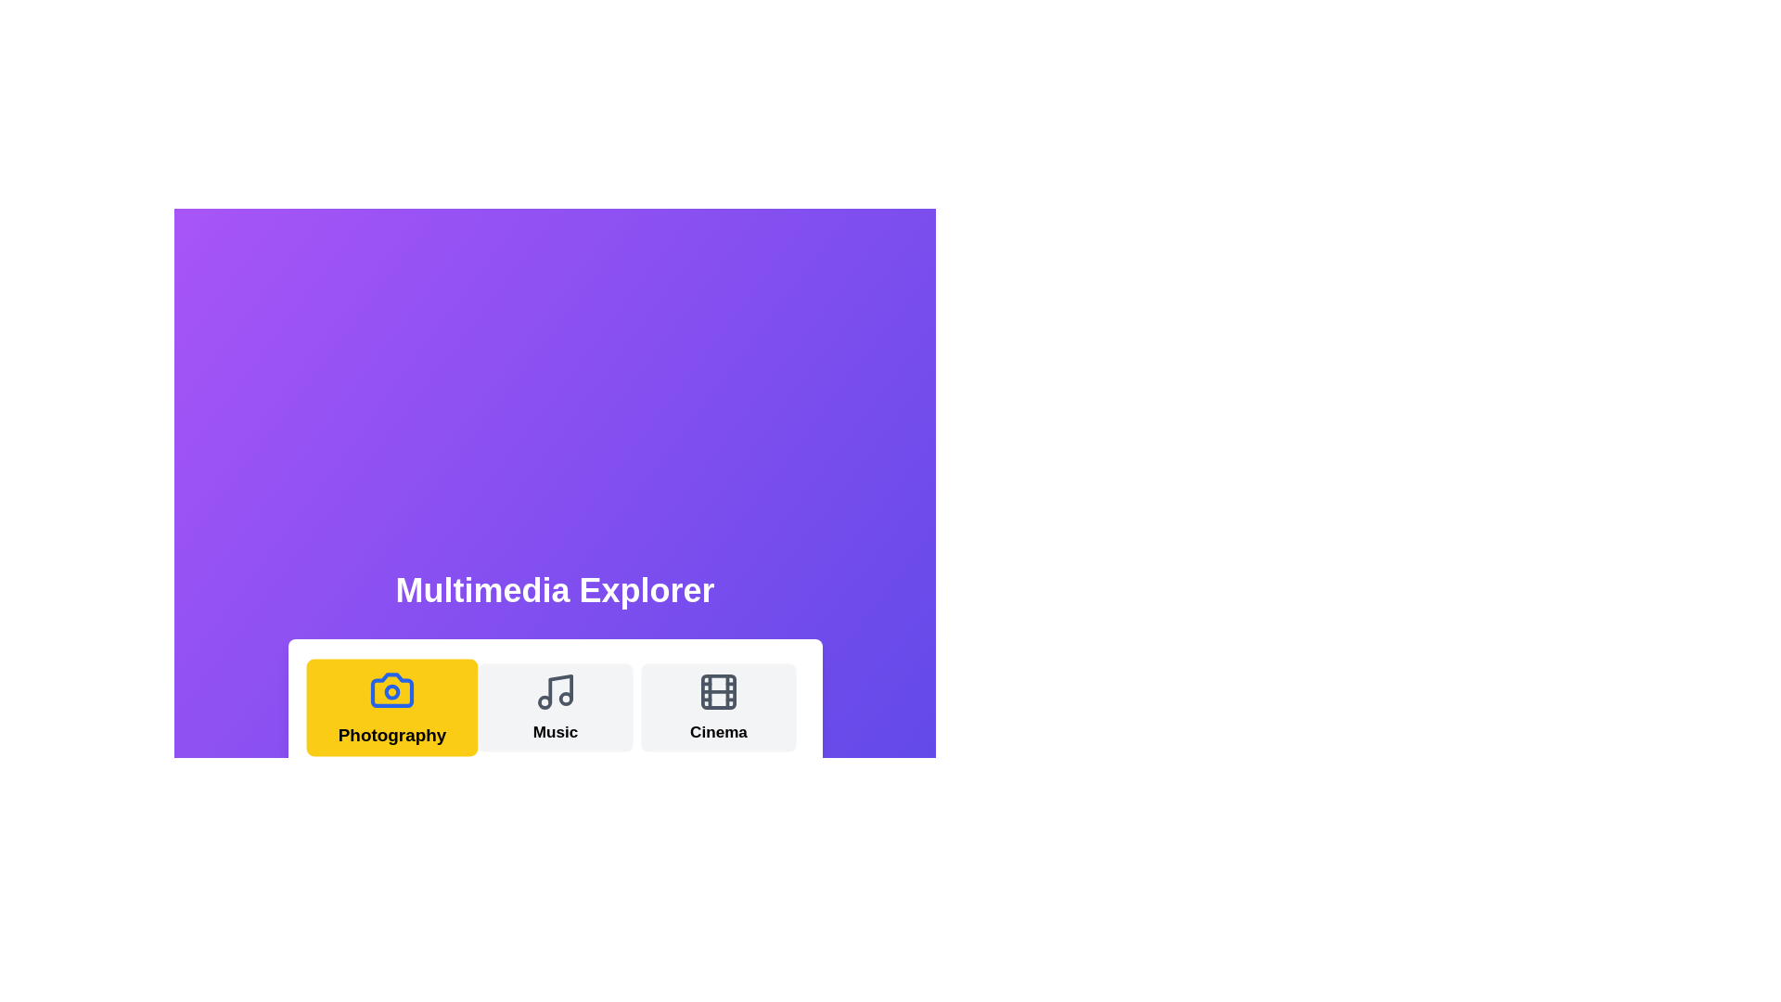 The width and height of the screenshot is (1781, 1002). Describe the element at coordinates (554, 708) in the screenshot. I see `the button corresponding to the category Music` at that location.